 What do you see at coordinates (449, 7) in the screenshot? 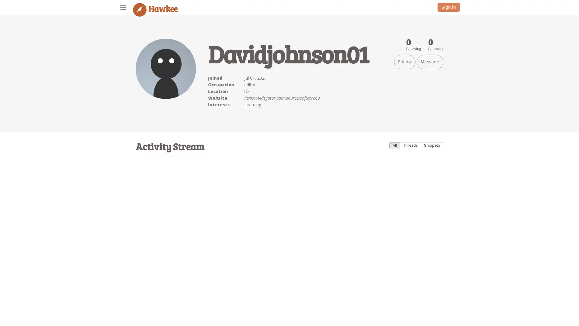
I see `Sign in` at bounding box center [449, 7].